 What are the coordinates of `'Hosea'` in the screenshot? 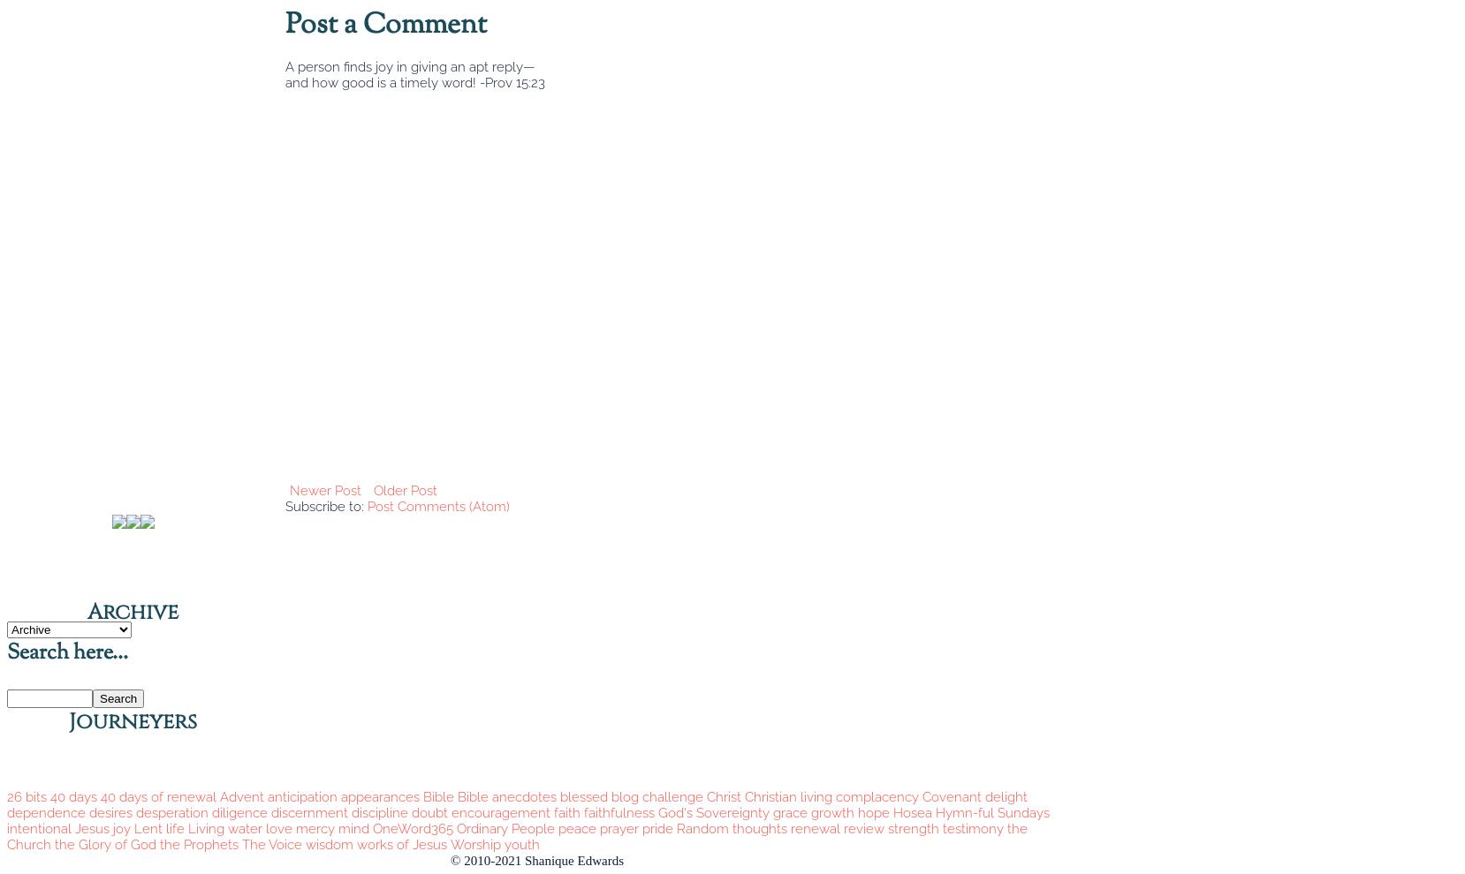 It's located at (912, 811).